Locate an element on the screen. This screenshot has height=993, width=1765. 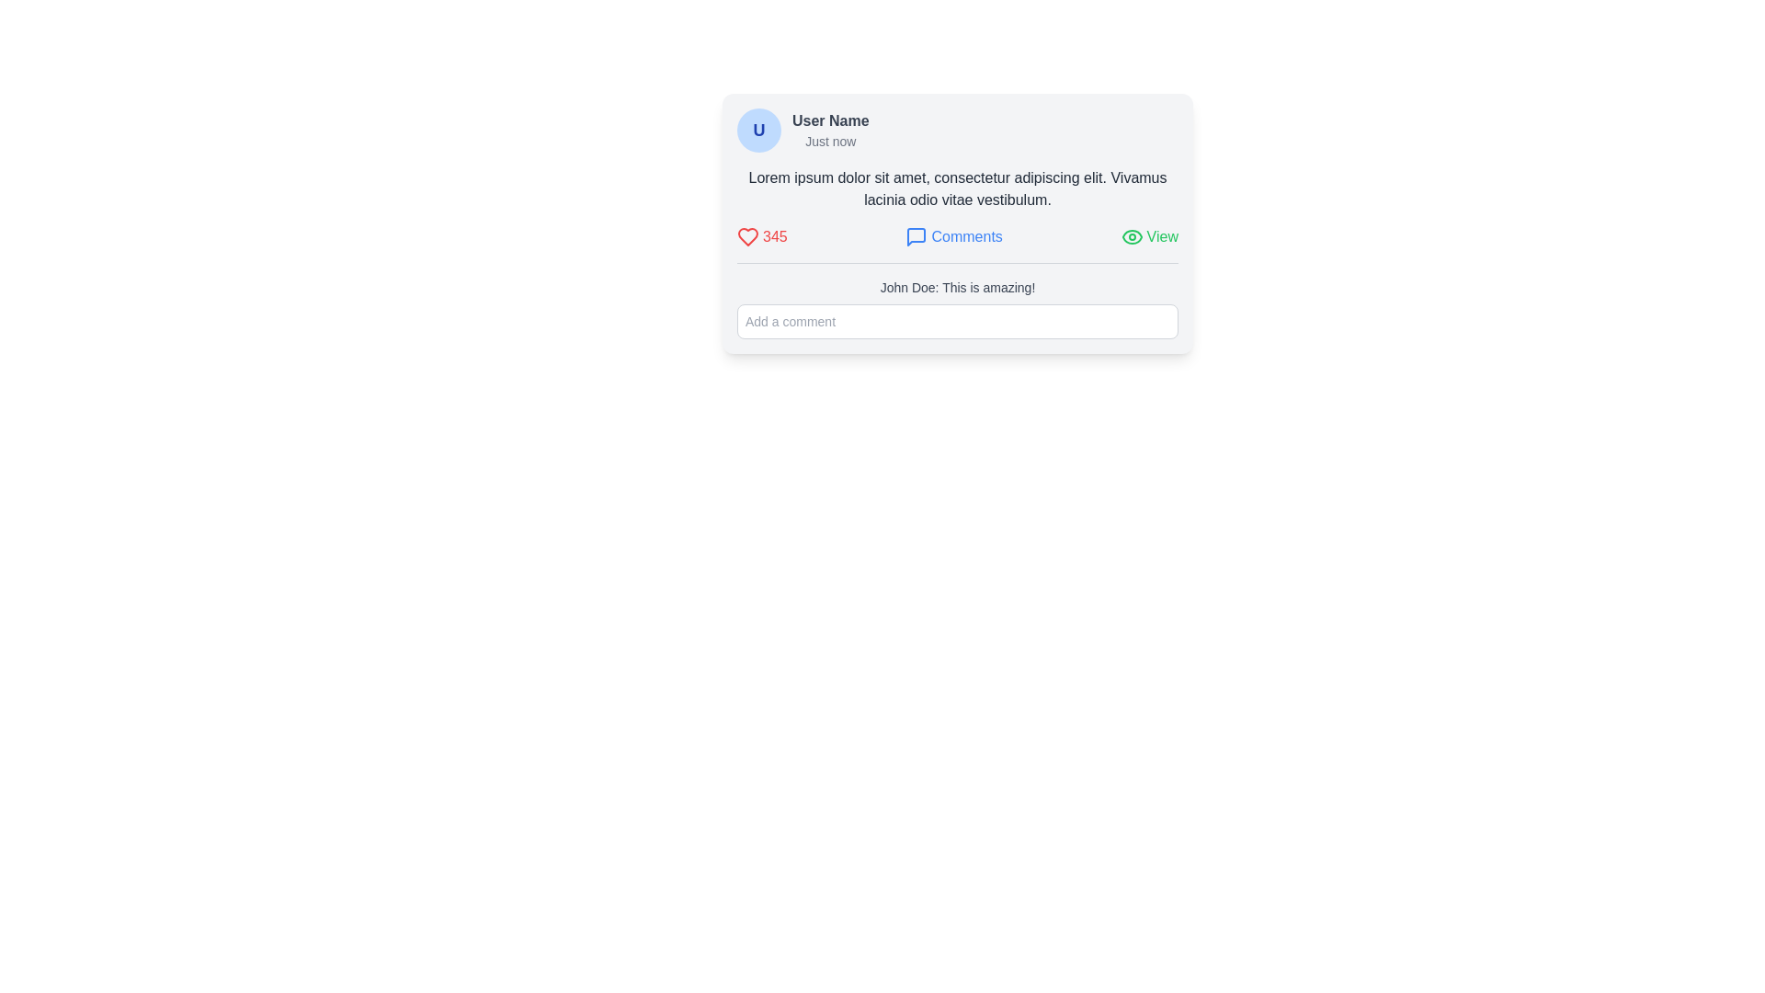
the blue speech bubble icon representing comments, located to the right of the 'Comments' text, to explore any available context menu is located at coordinates (917, 236).